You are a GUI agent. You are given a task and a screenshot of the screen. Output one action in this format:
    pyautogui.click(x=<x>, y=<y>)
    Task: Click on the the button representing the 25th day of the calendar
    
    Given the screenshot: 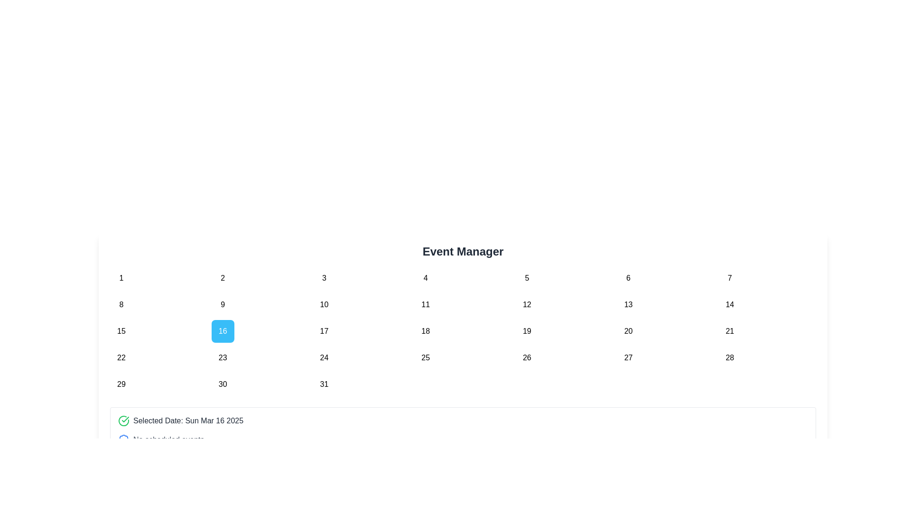 What is the action you would take?
    pyautogui.click(x=425, y=358)
    